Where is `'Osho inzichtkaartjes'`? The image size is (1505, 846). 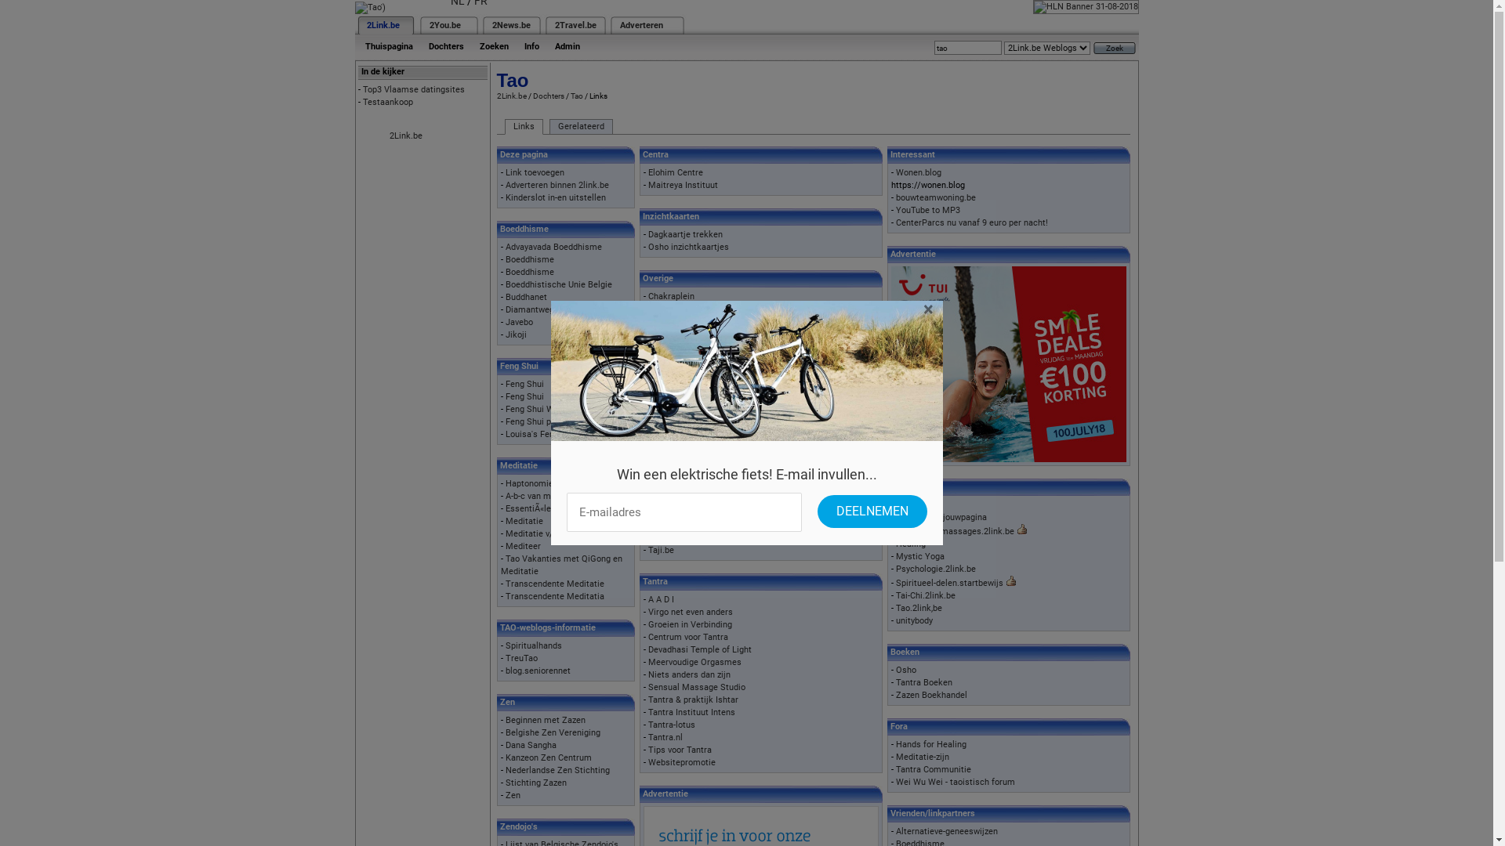 'Osho inzichtkaartjes' is located at coordinates (687, 247).